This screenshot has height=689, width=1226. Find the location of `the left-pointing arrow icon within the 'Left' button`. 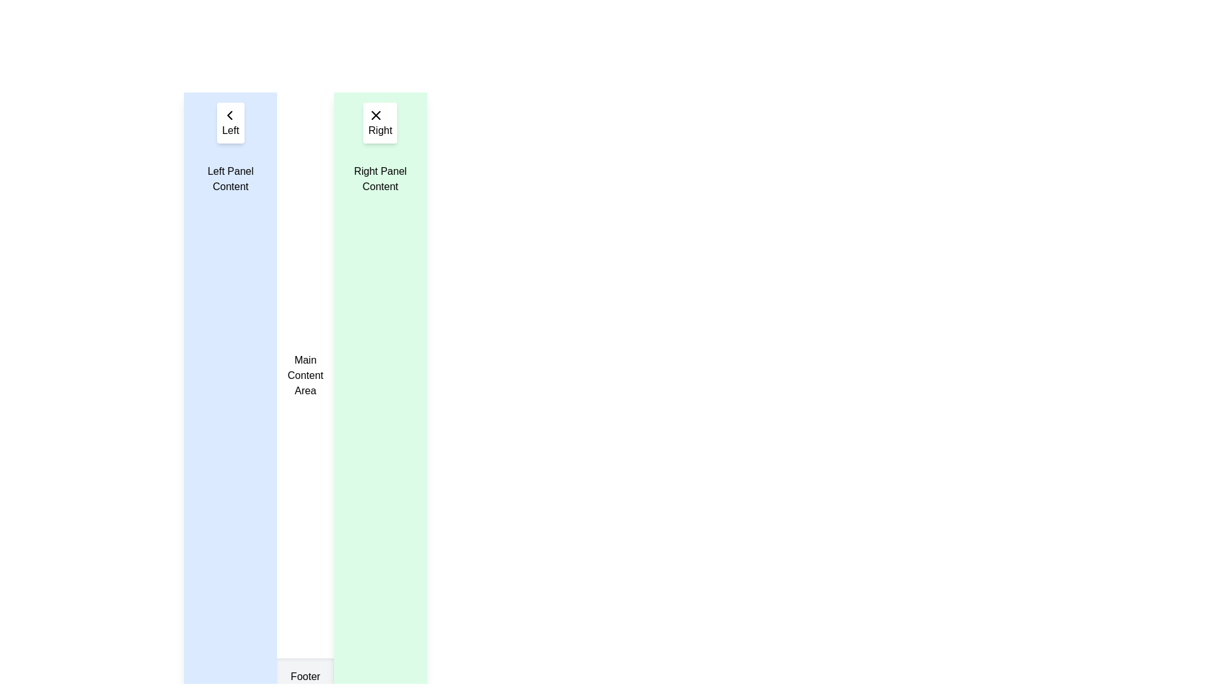

the left-pointing arrow icon within the 'Left' button is located at coordinates (229, 115).